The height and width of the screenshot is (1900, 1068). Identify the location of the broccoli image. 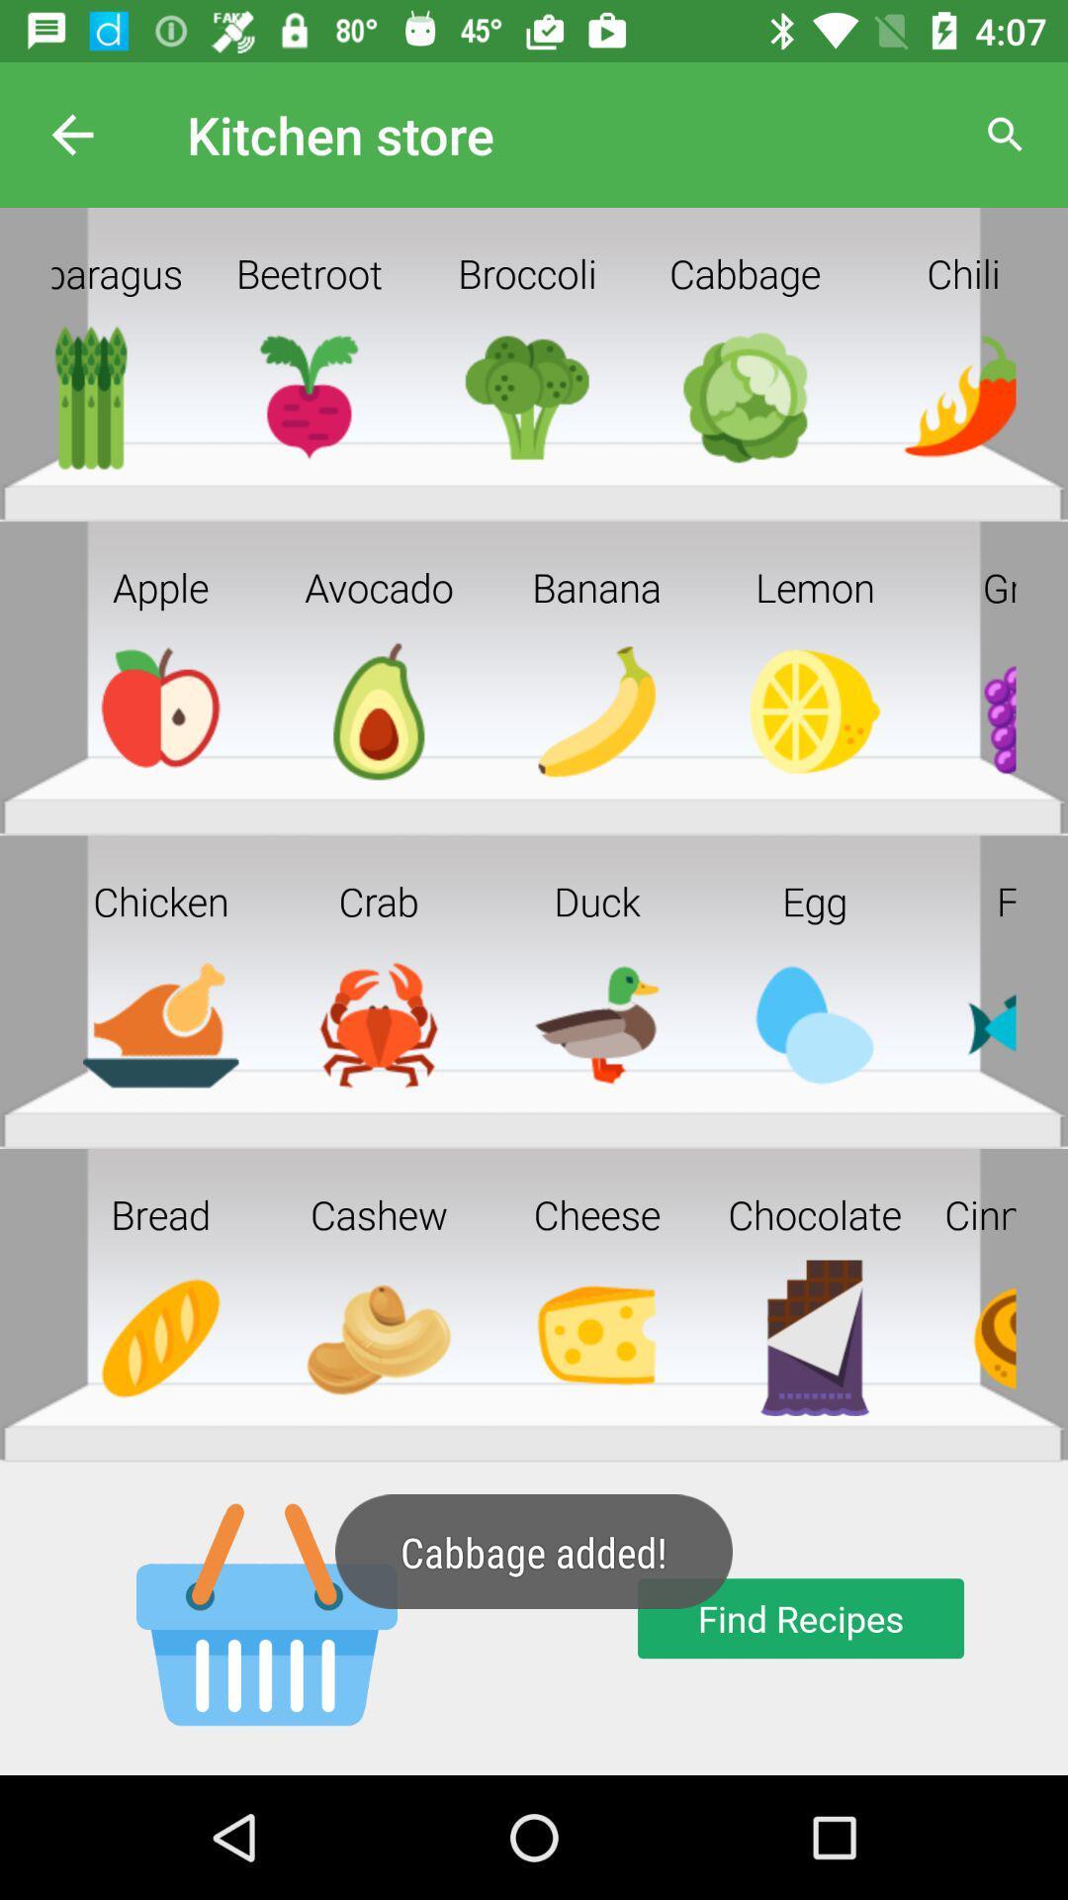
(526, 409).